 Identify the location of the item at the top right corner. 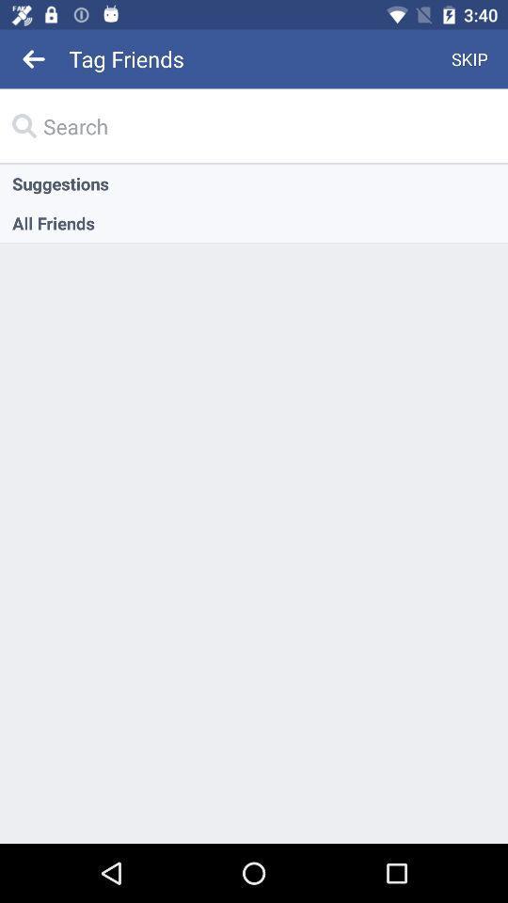
(468, 58).